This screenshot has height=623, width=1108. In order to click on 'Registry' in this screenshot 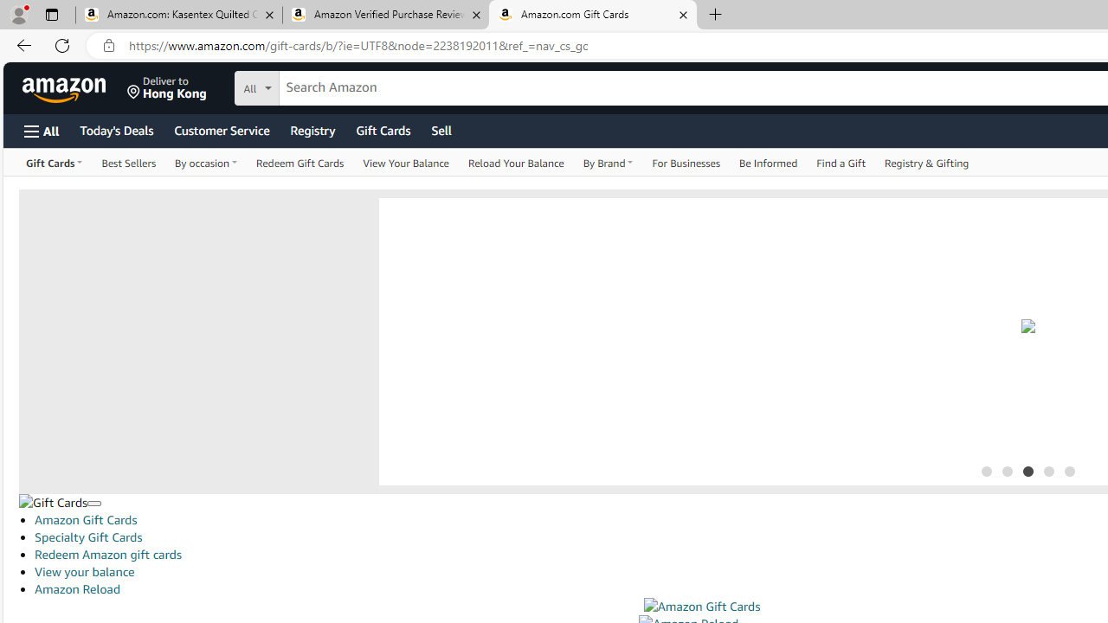, I will do `click(312, 129)`.